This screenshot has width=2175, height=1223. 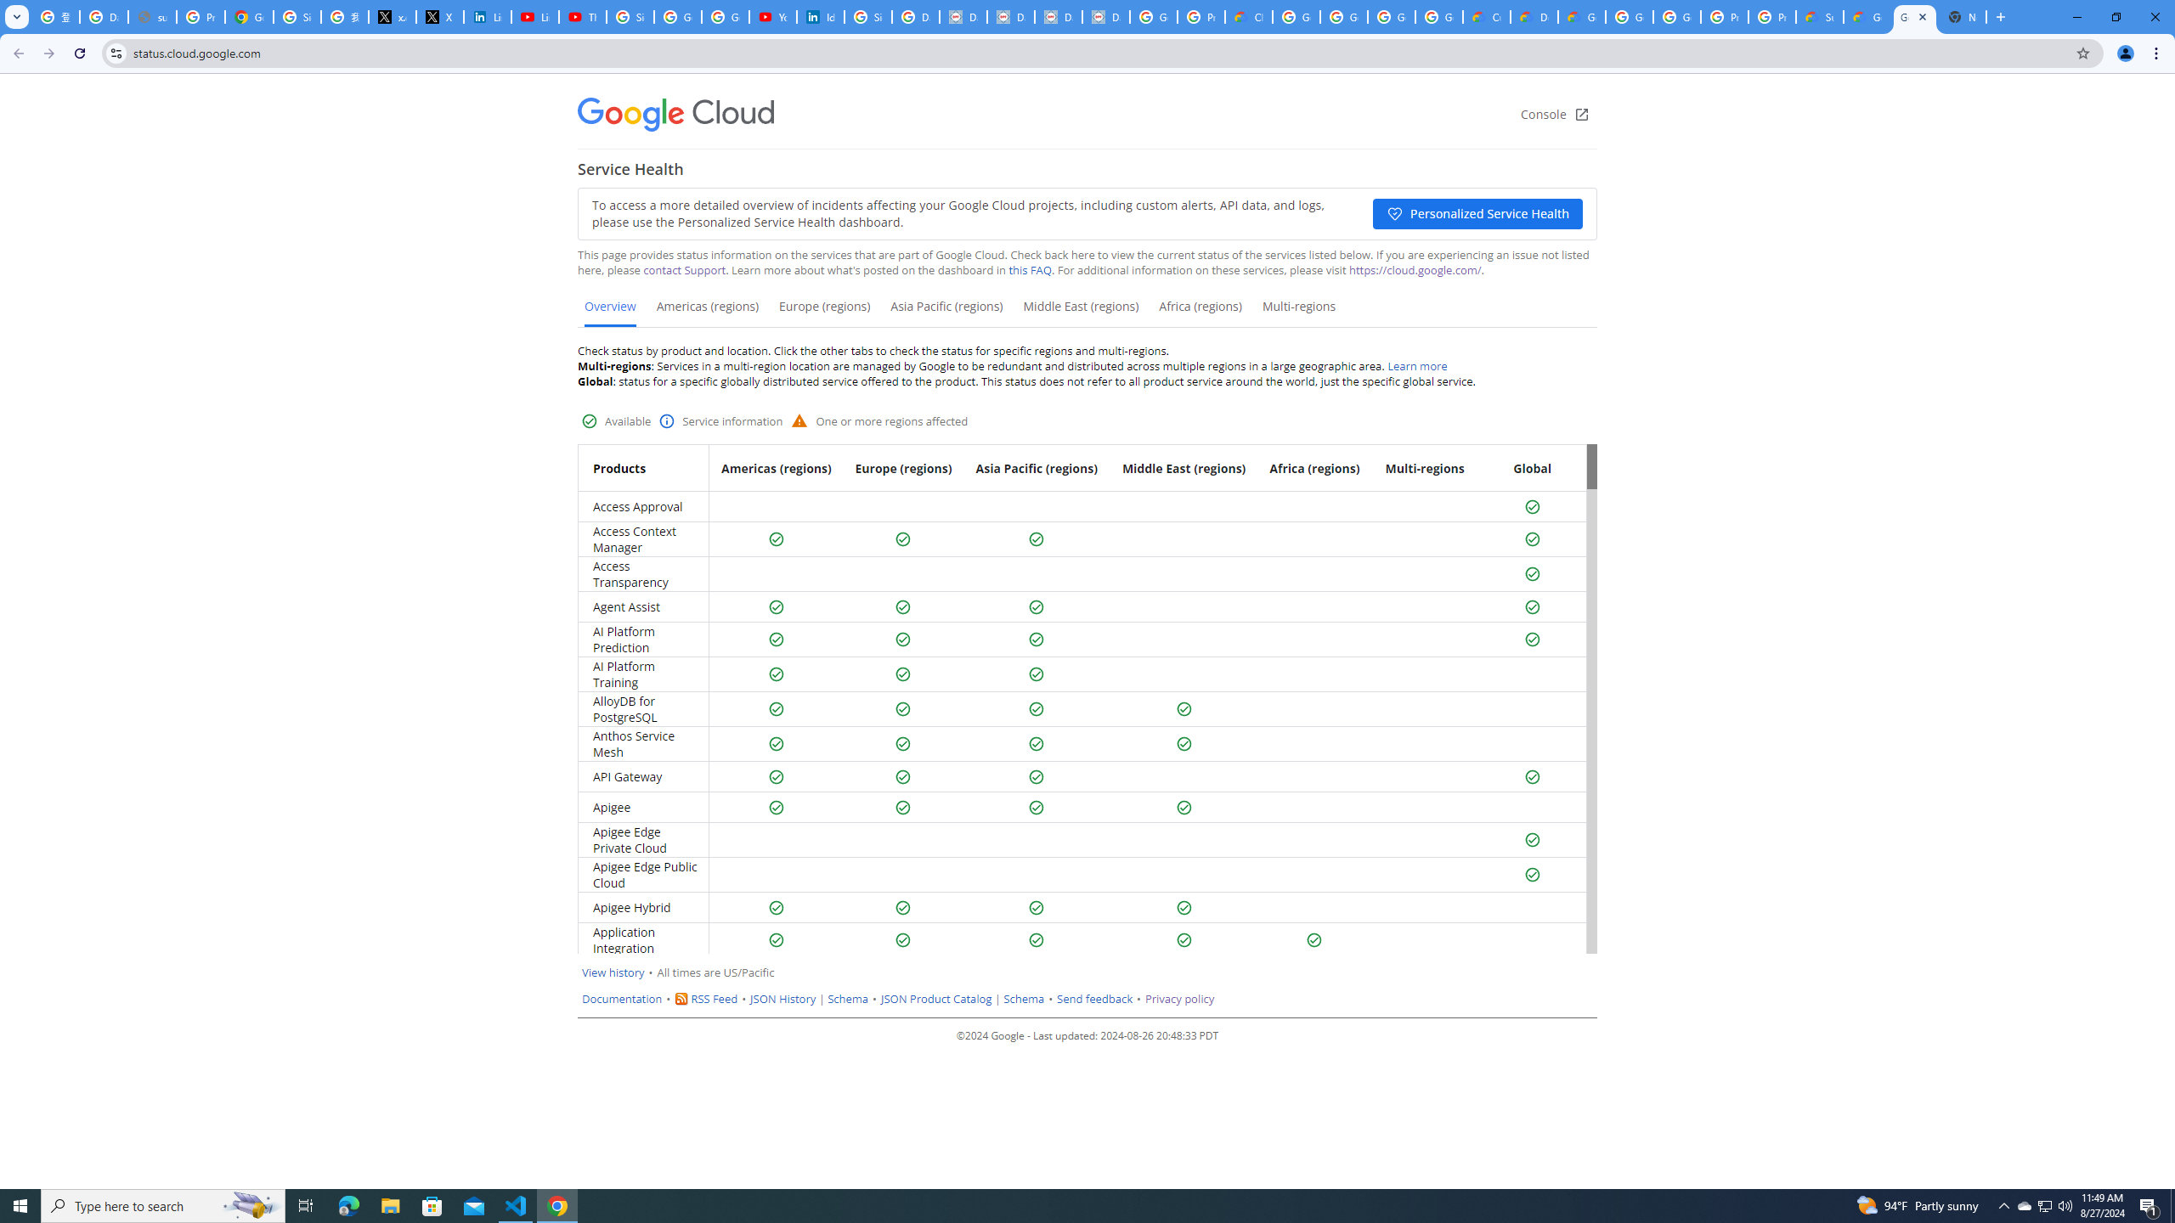 I want to click on 'Gemini for Business and Developers | Google Cloud', so click(x=1582, y=16).